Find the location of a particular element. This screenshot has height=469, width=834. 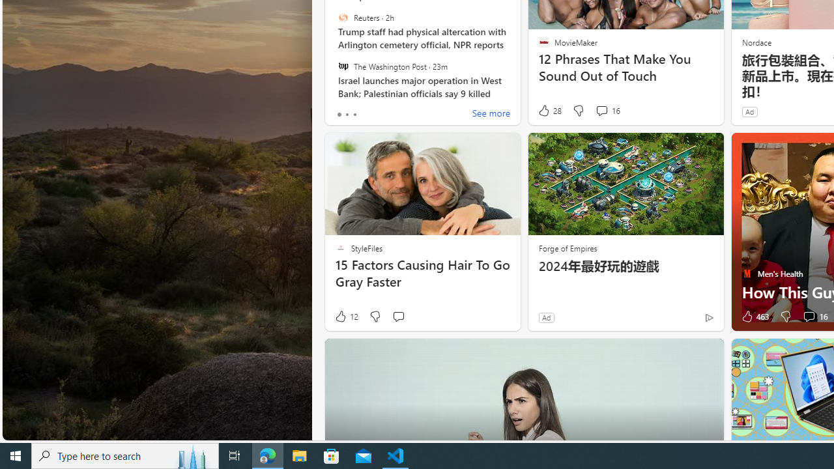

'463 Like' is located at coordinates (754, 317).